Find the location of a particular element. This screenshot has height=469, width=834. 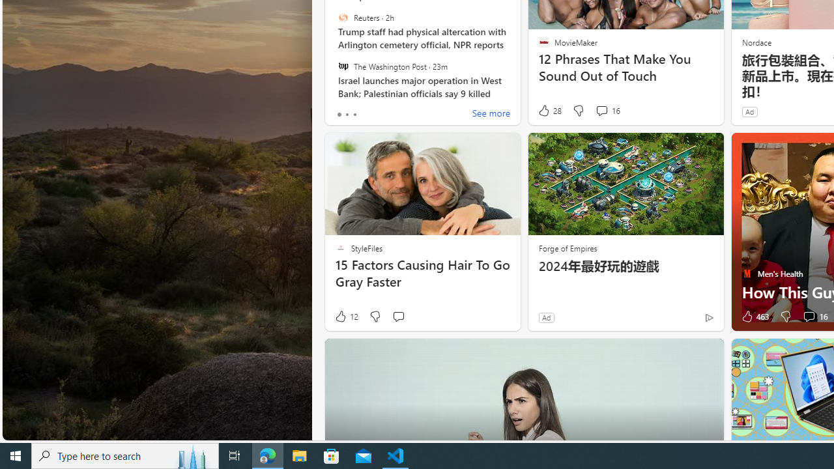

'463 Like' is located at coordinates (754, 317).